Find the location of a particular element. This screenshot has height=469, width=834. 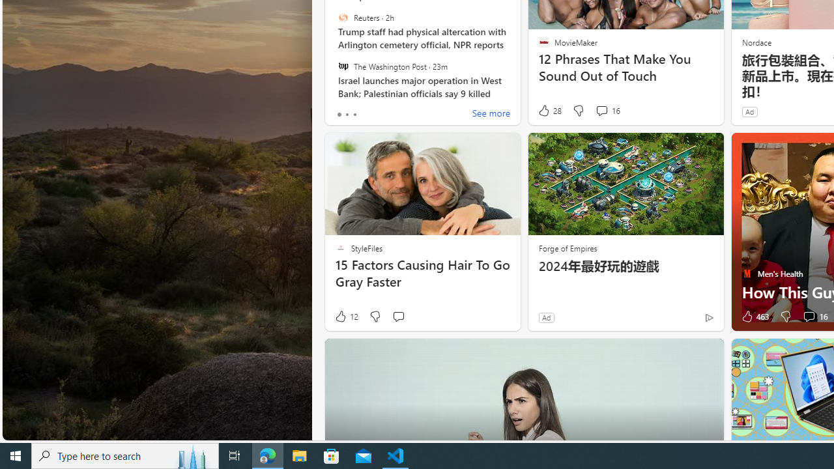

'463 Like' is located at coordinates (754, 317).